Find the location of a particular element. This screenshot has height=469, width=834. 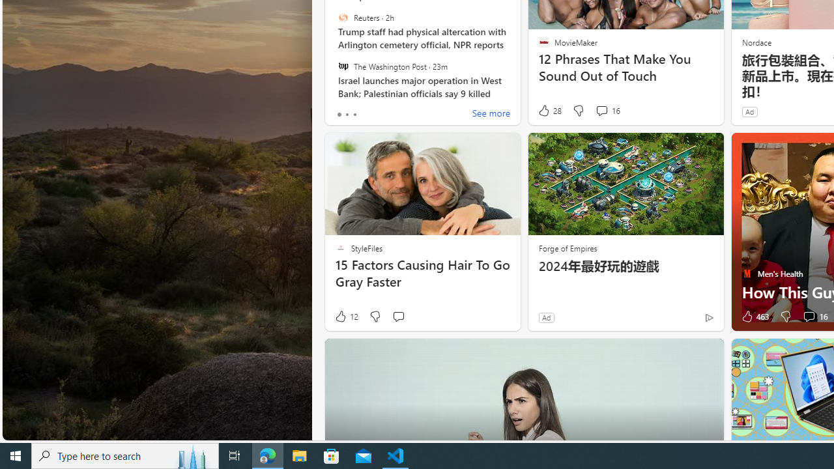

'463 Like' is located at coordinates (754, 317).